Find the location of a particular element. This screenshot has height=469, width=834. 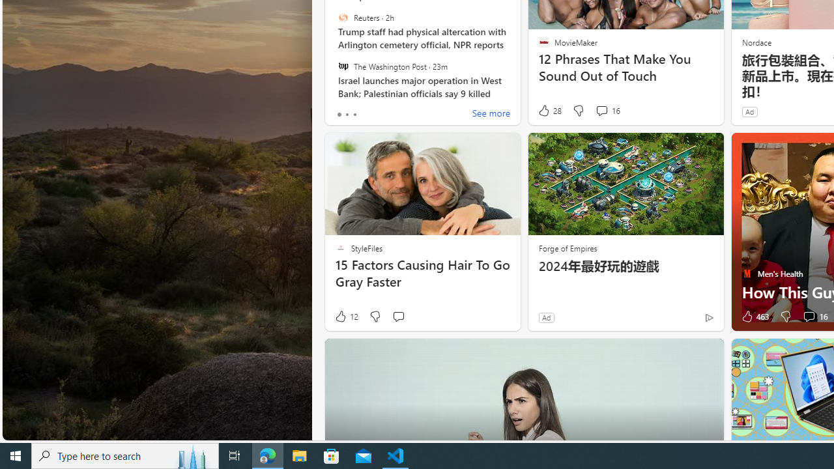

'463 Like' is located at coordinates (754, 317).